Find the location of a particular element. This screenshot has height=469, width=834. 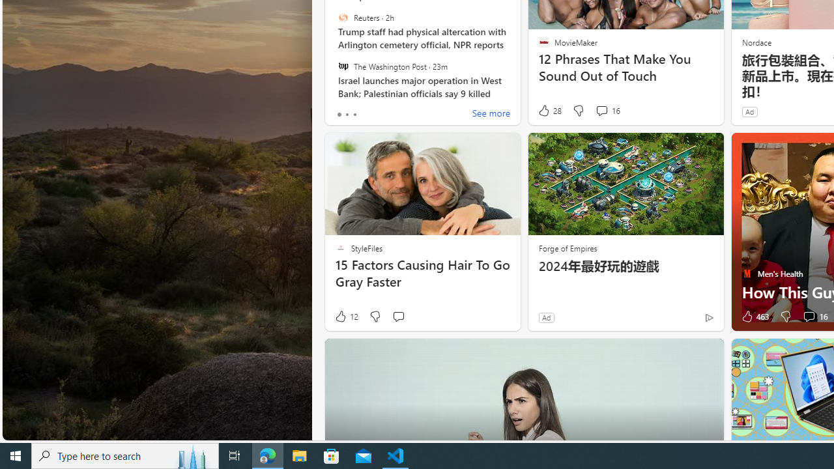

'463 Like' is located at coordinates (754, 317).